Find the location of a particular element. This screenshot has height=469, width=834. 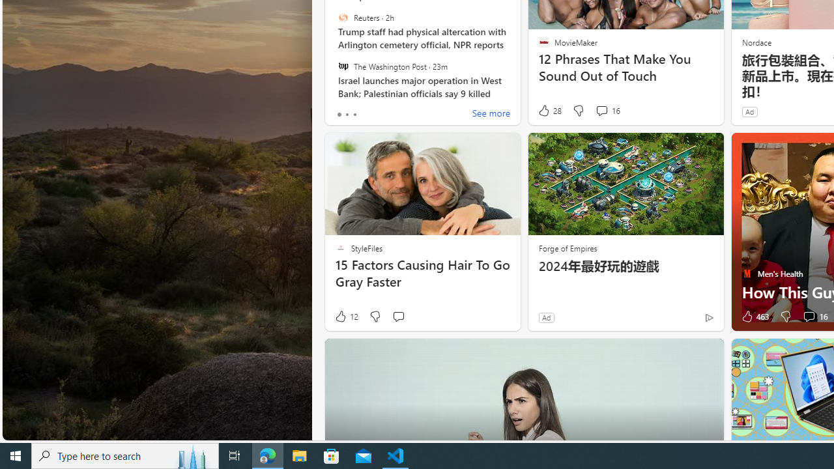

'463 Like' is located at coordinates (754, 317).